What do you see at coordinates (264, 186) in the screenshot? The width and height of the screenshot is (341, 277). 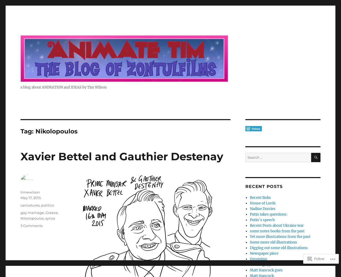 I see `'Recent Posts'` at bounding box center [264, 186].